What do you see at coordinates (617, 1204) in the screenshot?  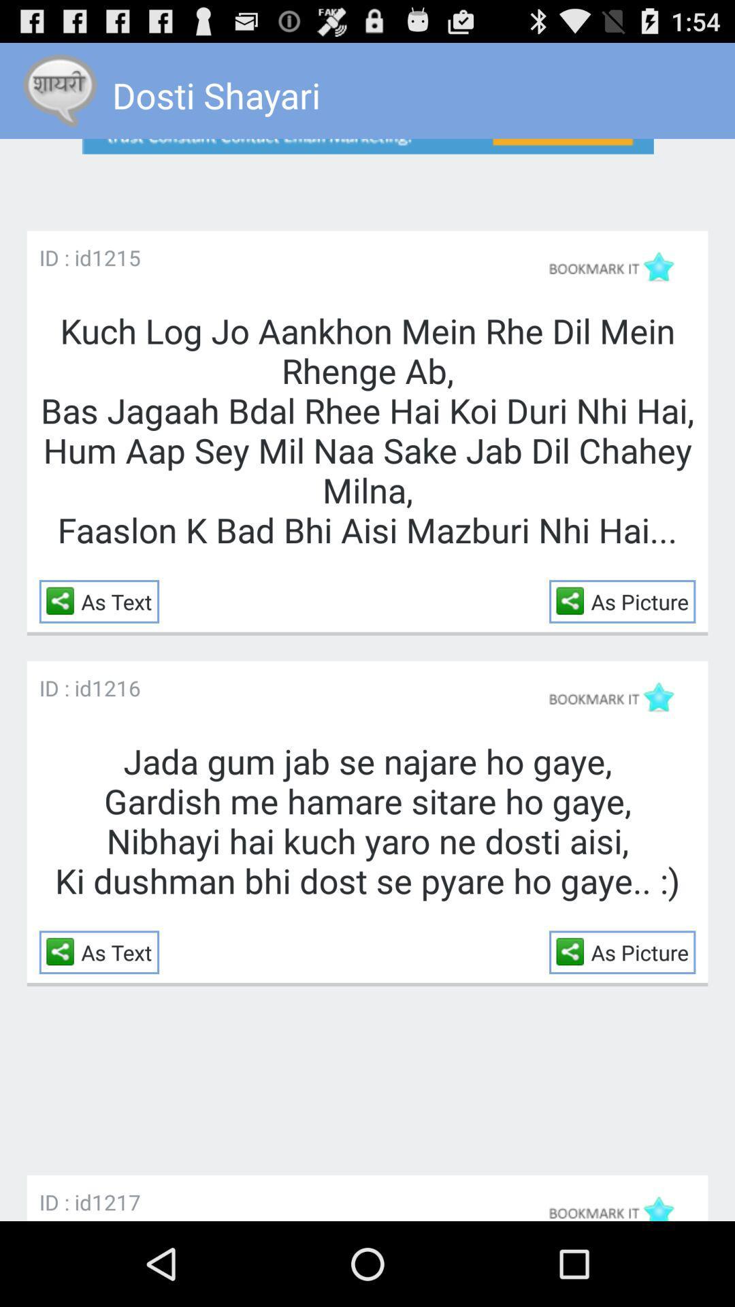 I see `tap to bookmark` at bounding box center [617, 1204].